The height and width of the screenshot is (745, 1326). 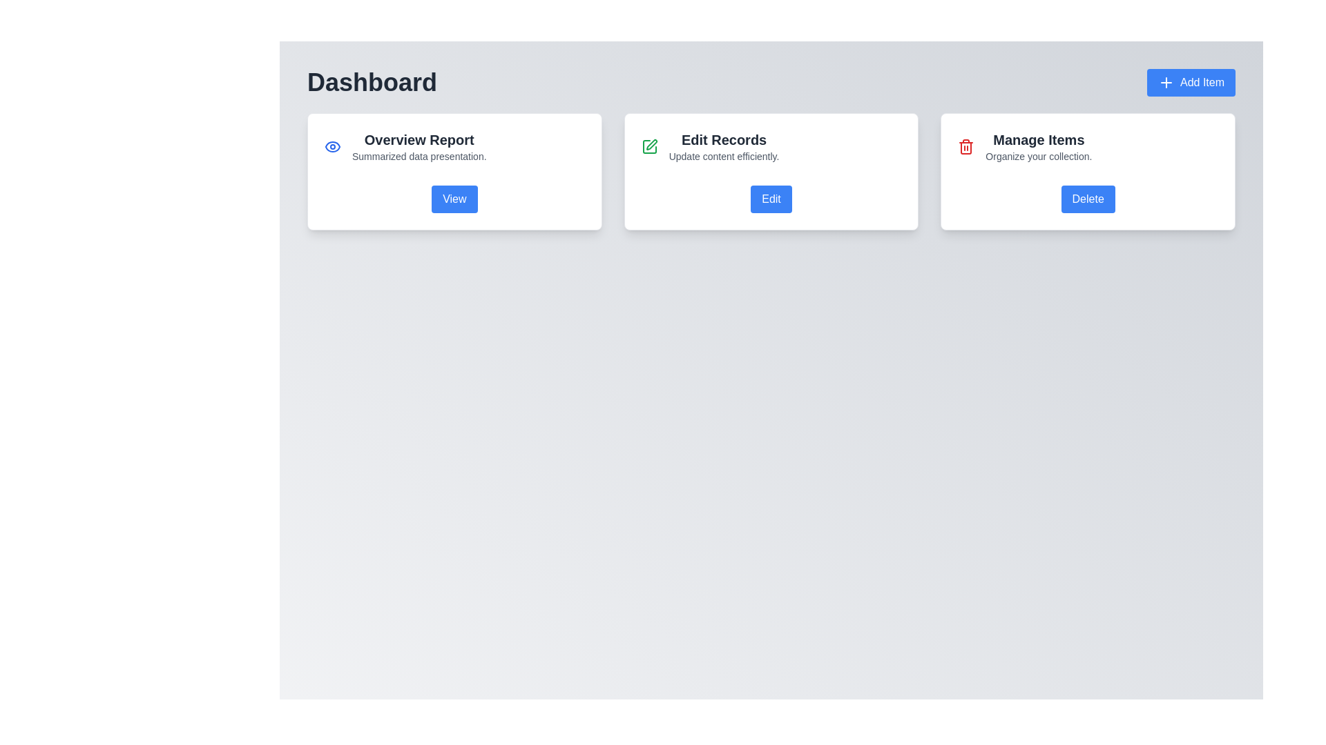 I want to click on the blue button labeled 'View' with rounded corners at the bottom center of the 'Overview Report' card to trigger a visual change, so click(x=454, y=199).